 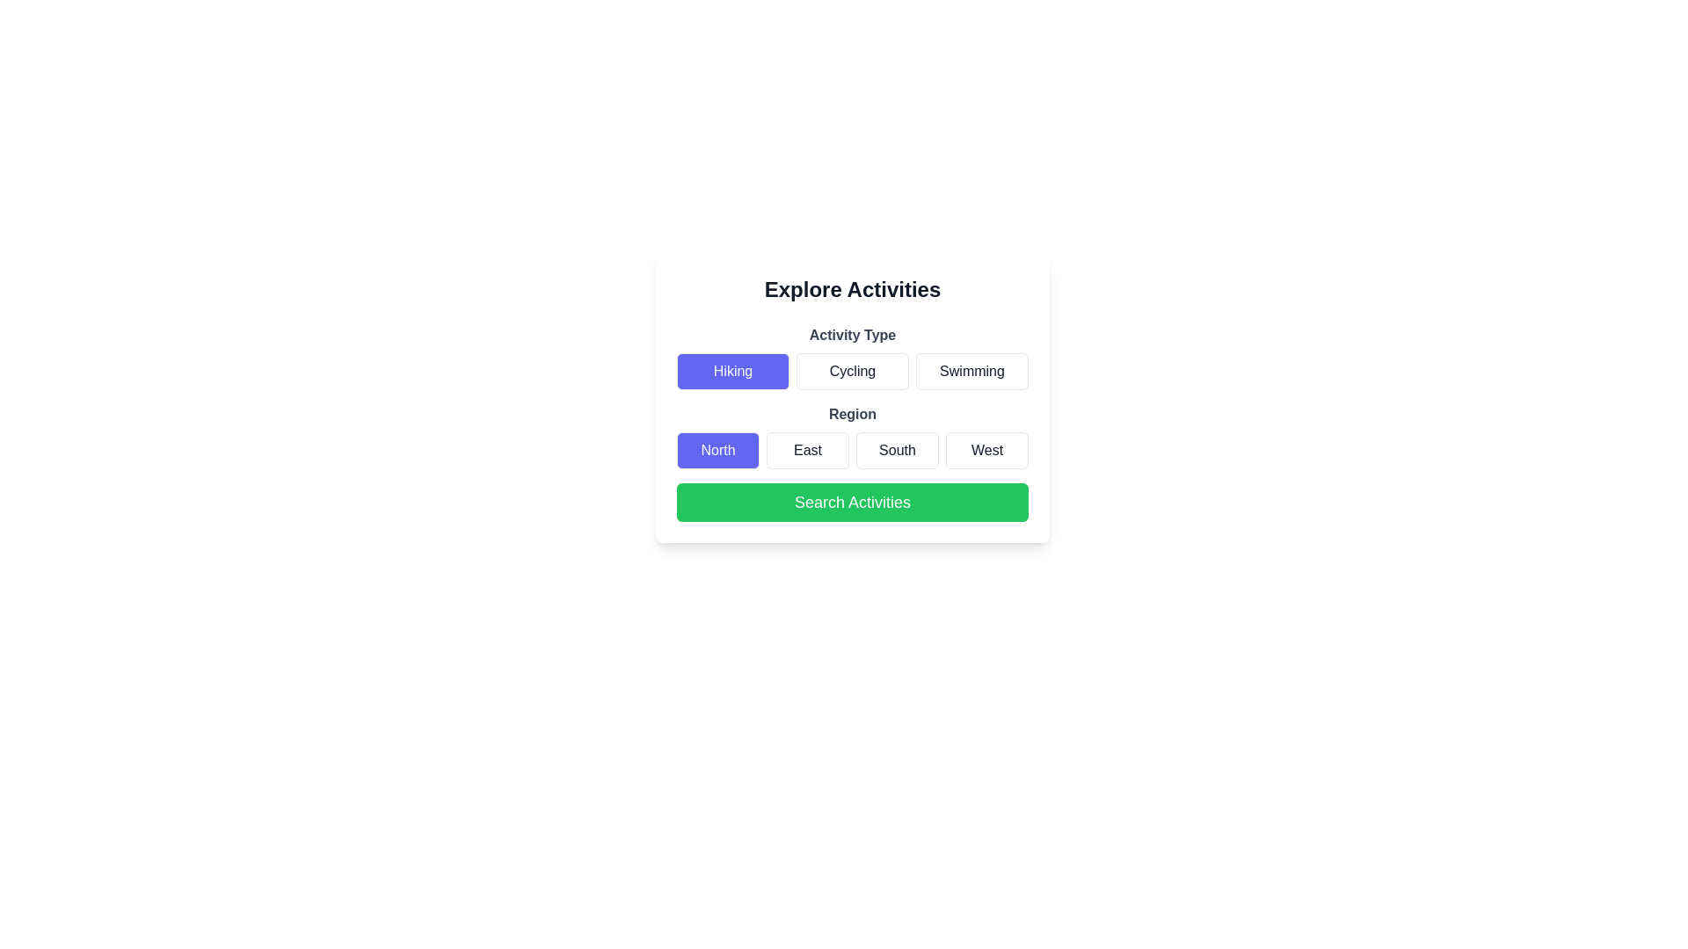 I want to click on the 'Hiking' button, which is a rectangular button with a blue background and rounded corners, so click(x=733, y=371).